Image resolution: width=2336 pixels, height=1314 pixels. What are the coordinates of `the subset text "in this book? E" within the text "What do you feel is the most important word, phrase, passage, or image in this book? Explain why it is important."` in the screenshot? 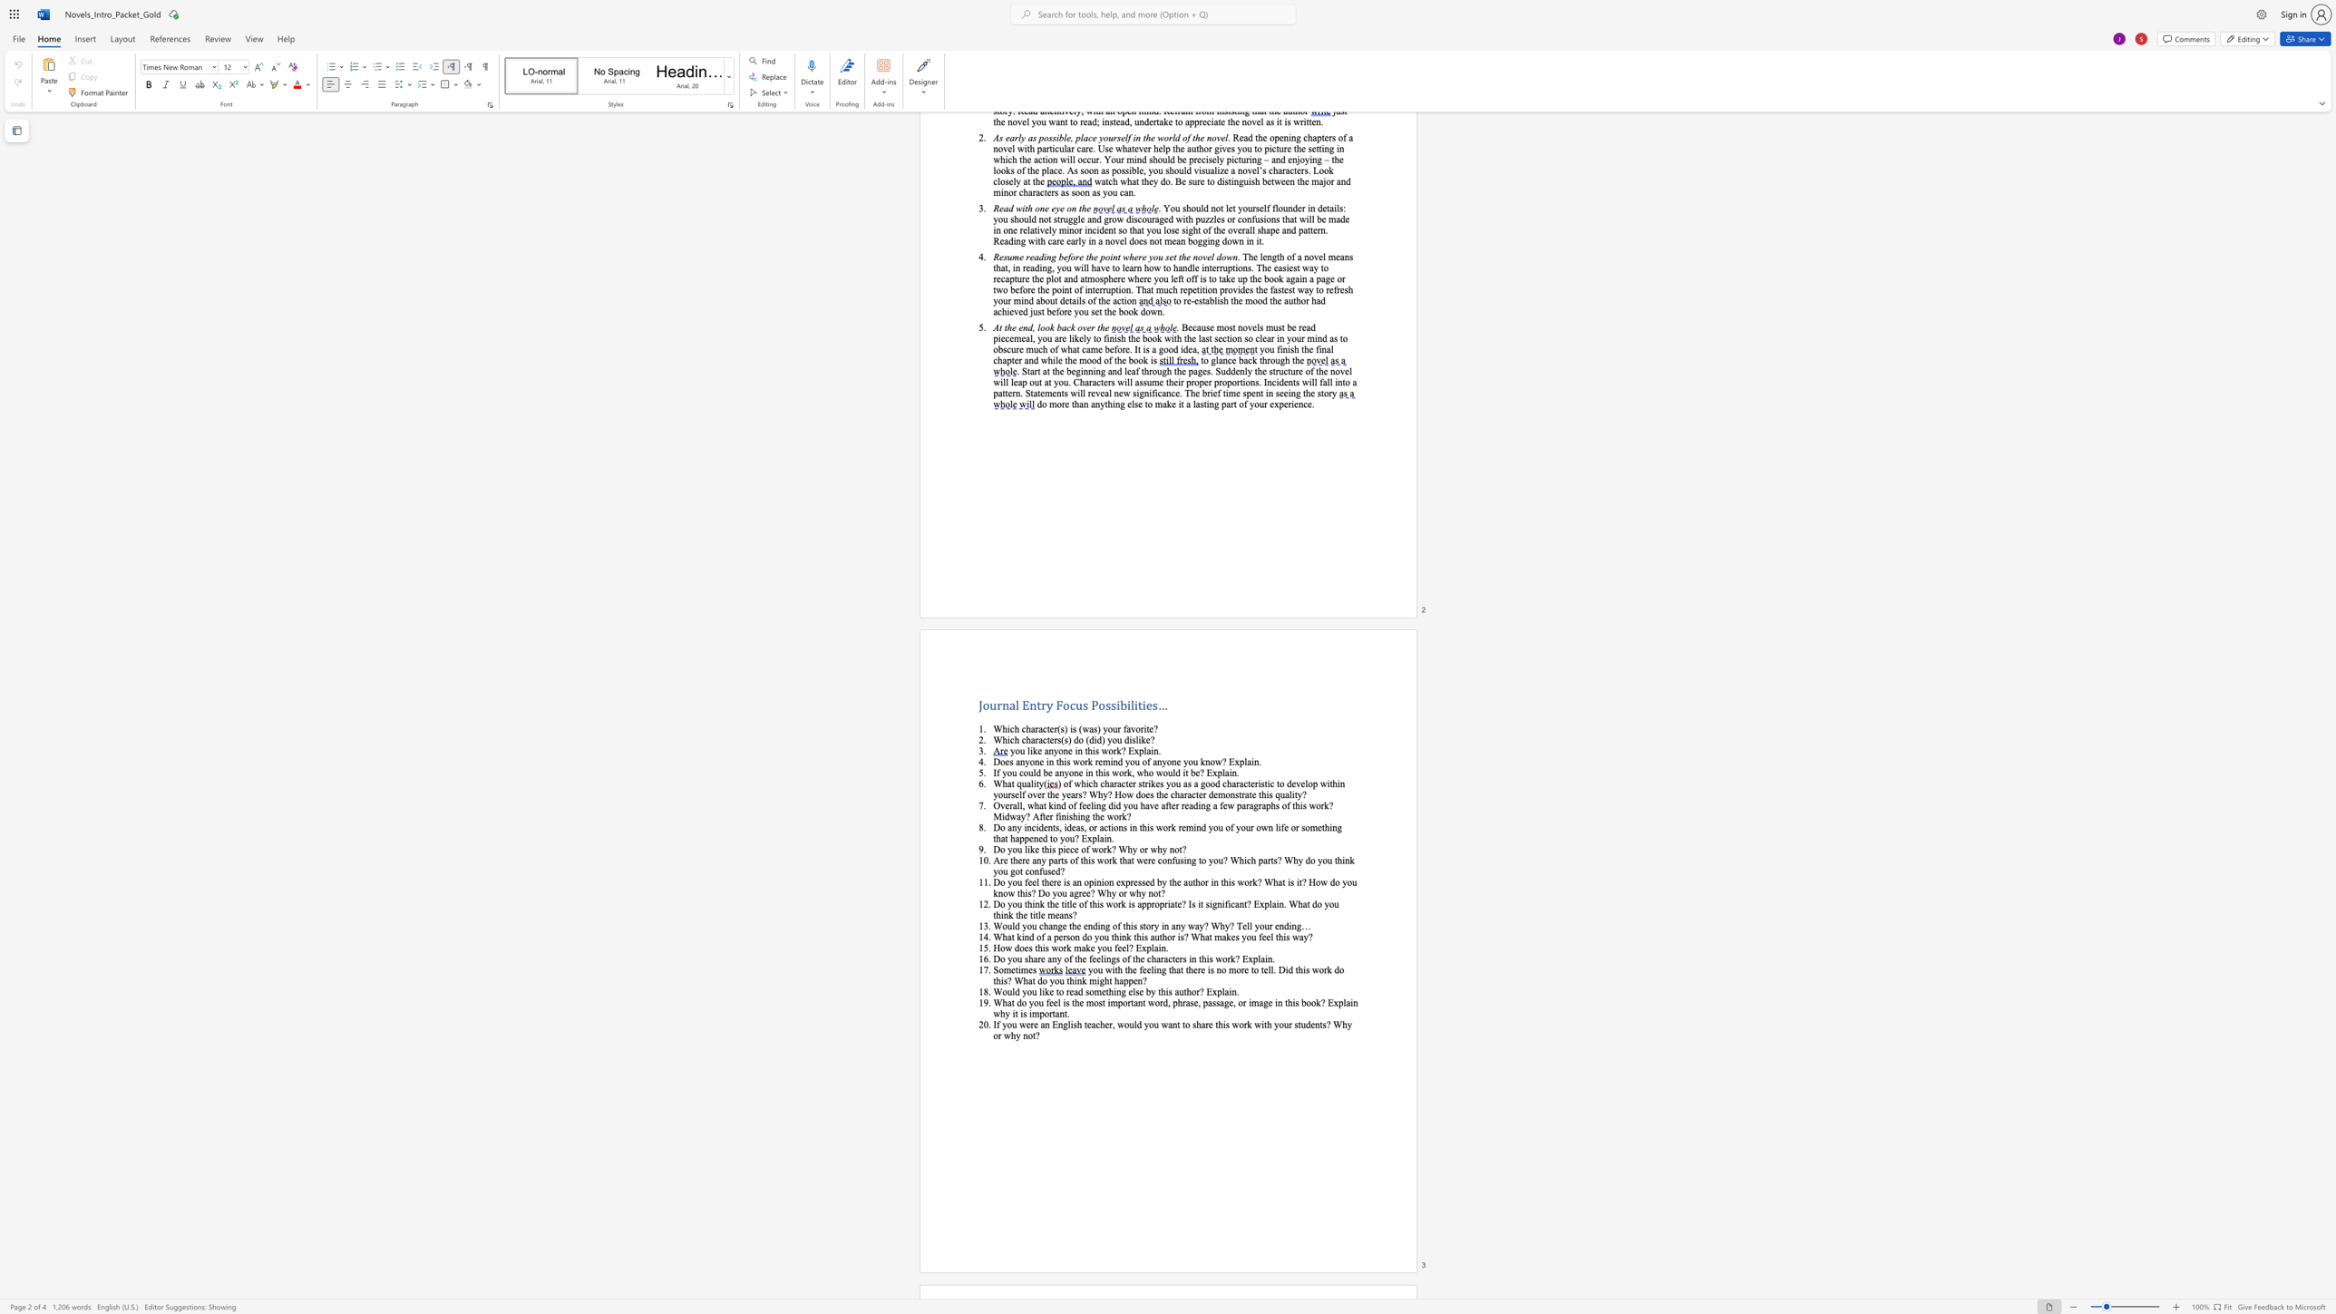 It's located at (1274, 1001).